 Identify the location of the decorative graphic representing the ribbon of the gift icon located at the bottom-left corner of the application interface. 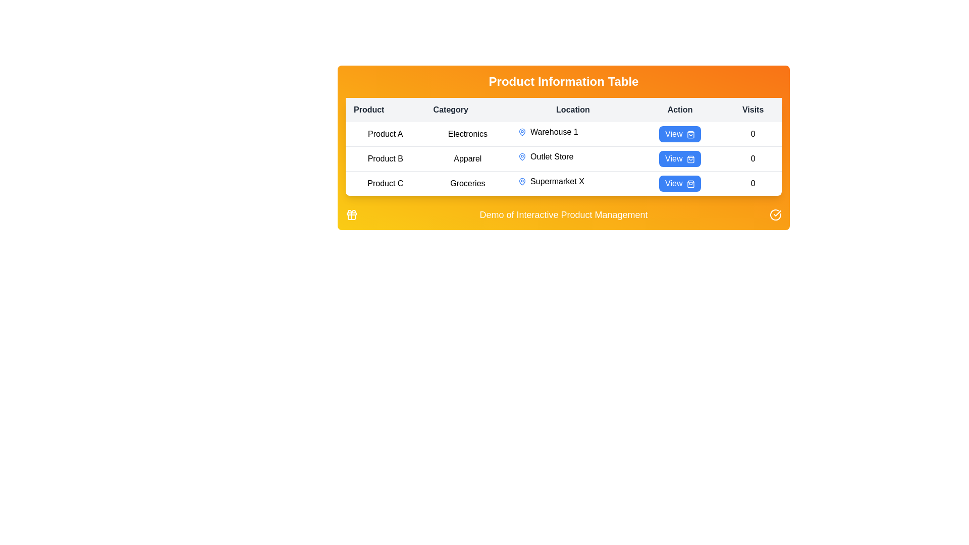
(351, 213).